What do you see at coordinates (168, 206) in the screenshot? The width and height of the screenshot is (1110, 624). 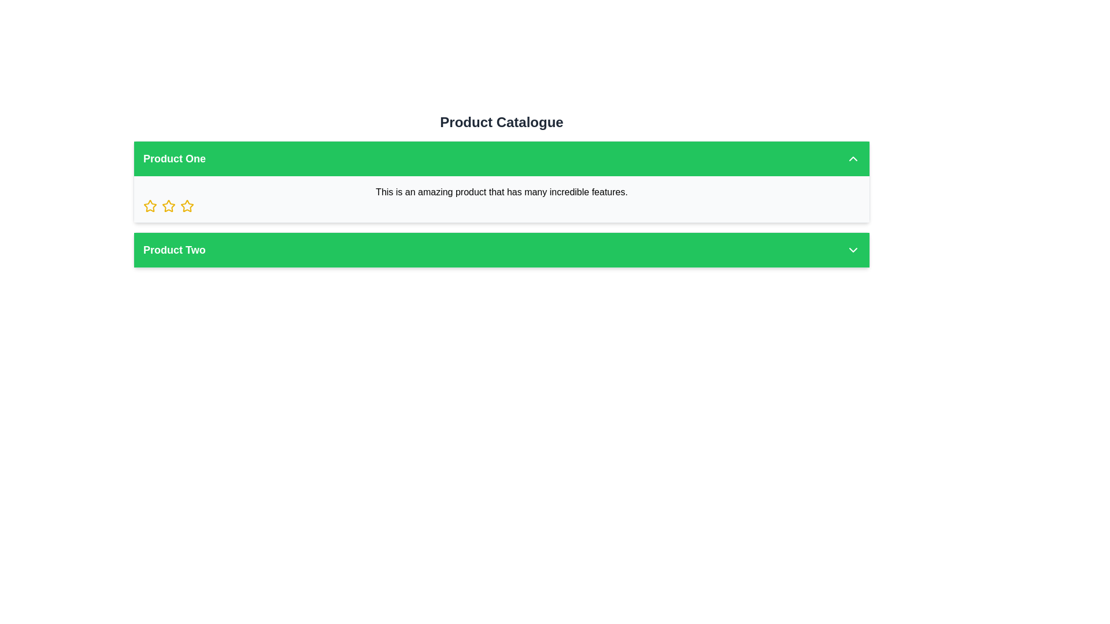 I see `the second star-shaped icon with a yellow outline in the rating section below 'Product One'` at bounding box center [168, 206].